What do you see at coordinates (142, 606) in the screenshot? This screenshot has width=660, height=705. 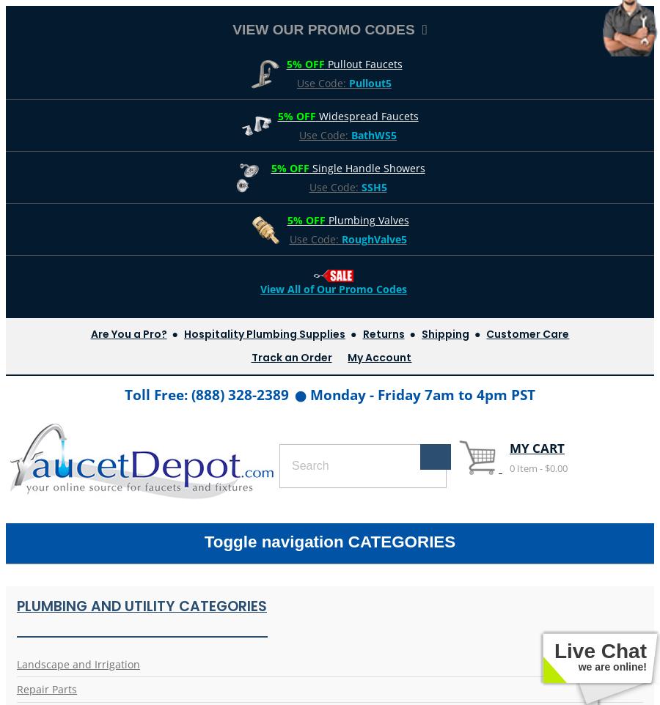 I see `'PLUMBING AND UTILITY Categories'` at bounding box center [142, 606].